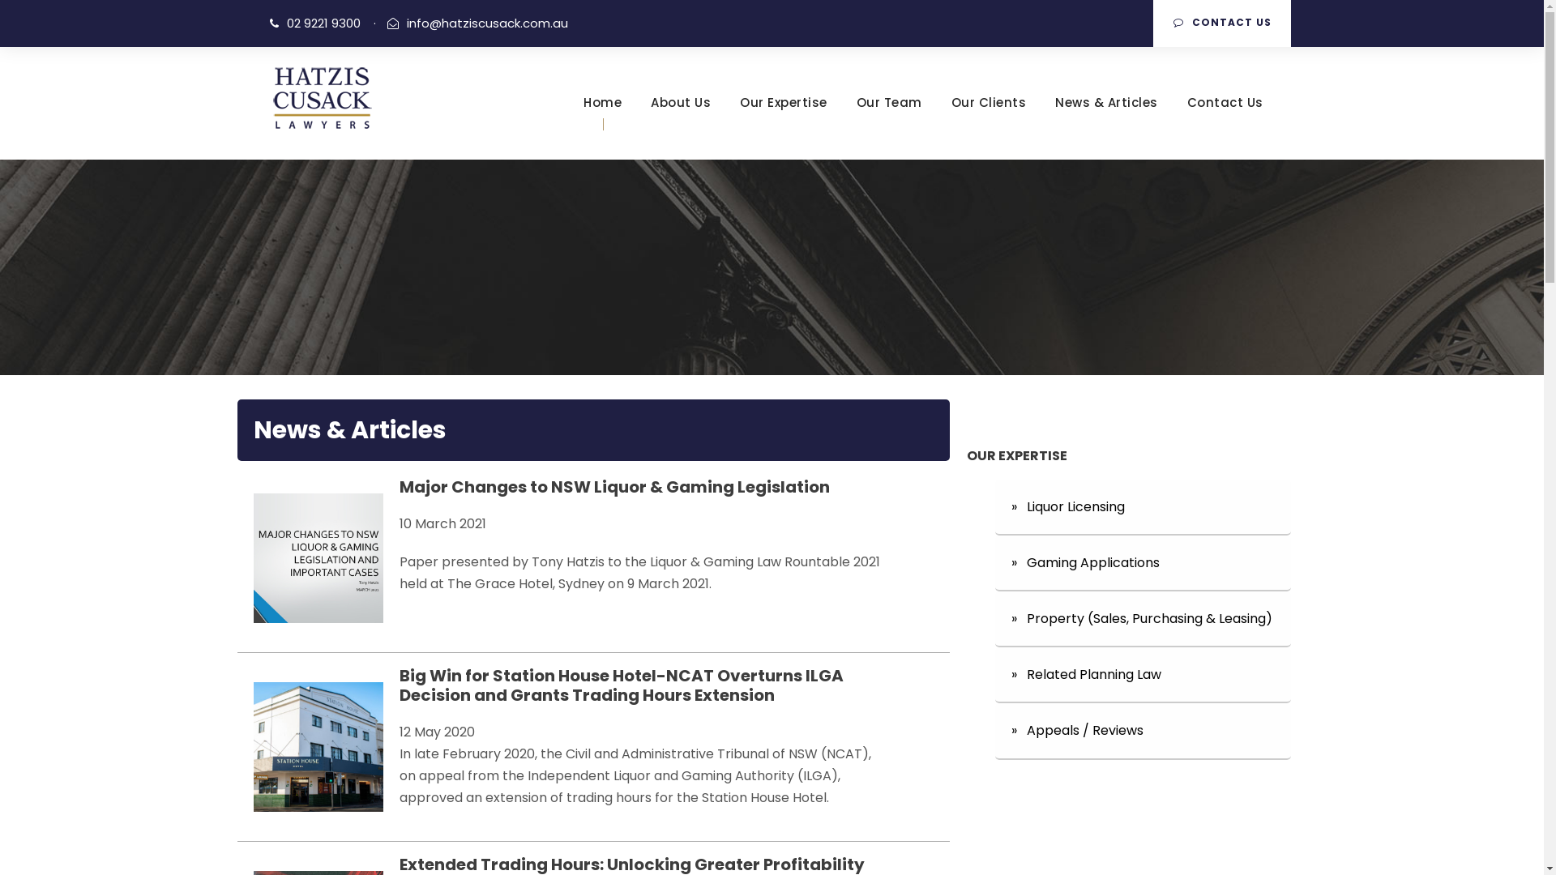 This screenshot has height=875, width=1556. What do you see at coordinates (855, 125) in the screenshot?
I see `'Our Team'` at bounding box center [855, 125].